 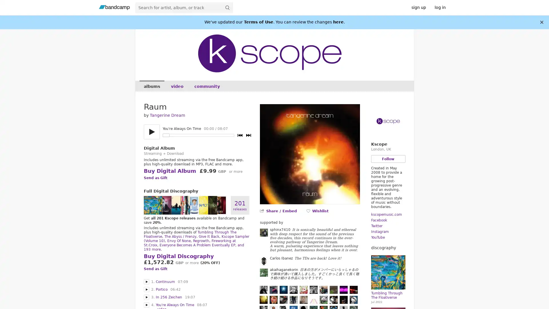 What do you see at coordinates (388, 159) in the screenshot?
I see `Follow` at bounding box center [388, 159].